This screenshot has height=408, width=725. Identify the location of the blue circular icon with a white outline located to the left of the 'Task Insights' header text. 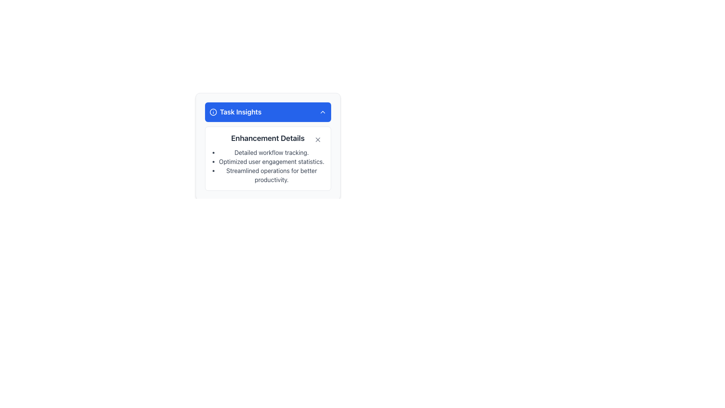
(213, 112).